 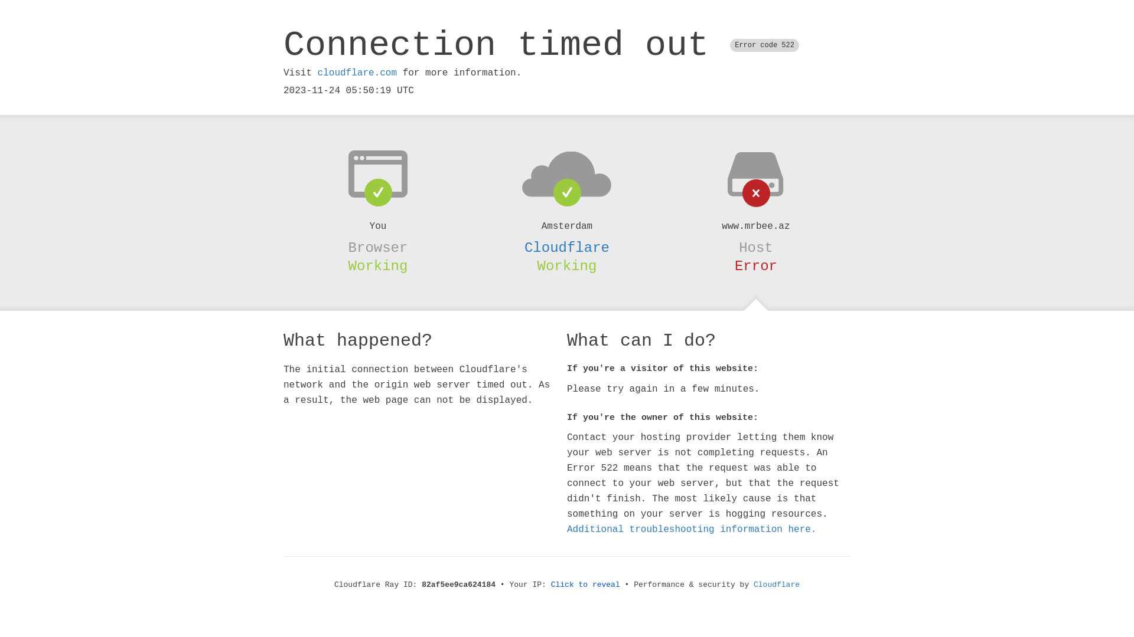 I want to click on 'cloudflare.com', so click(x=356, y=73).